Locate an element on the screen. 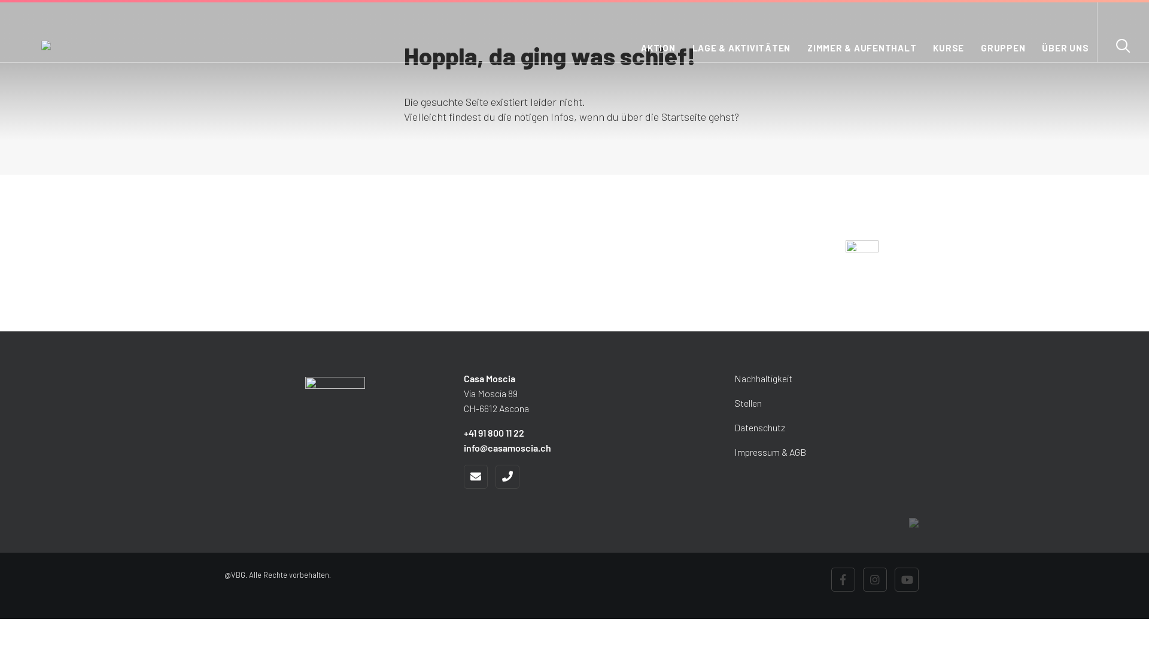  '+41 91 800 11 22' is located at coordinates (494, 432).